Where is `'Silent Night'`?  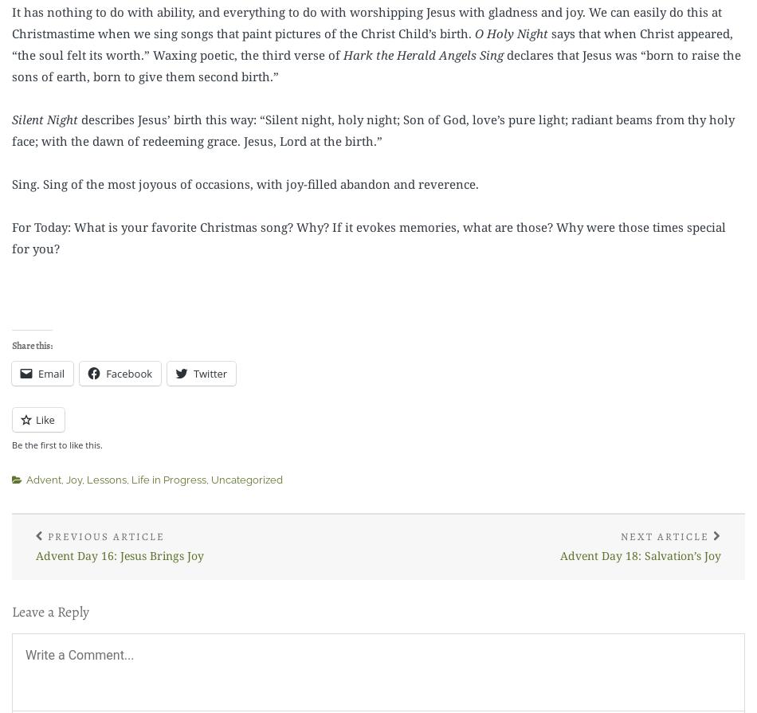
'Silent Night' is located at coordinates (45, 119).